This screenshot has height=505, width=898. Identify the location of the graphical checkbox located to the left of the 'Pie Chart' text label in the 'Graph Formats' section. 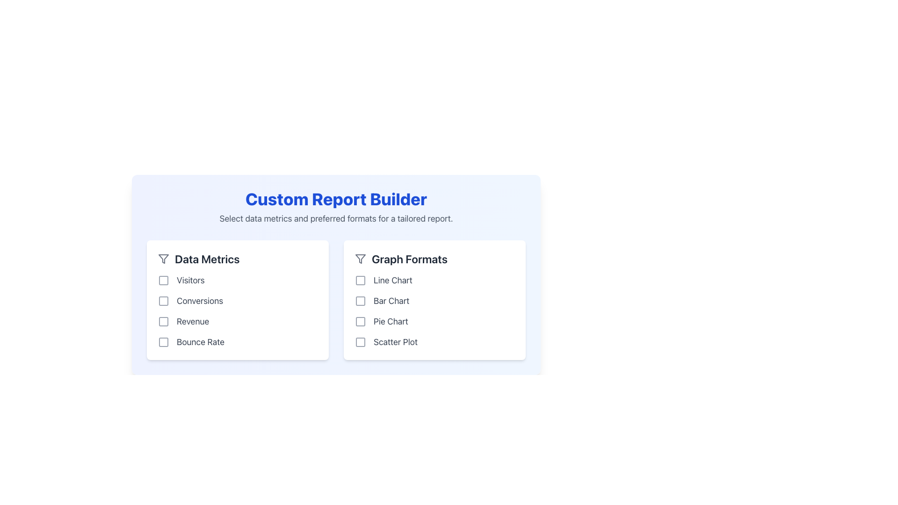
(360, 321).